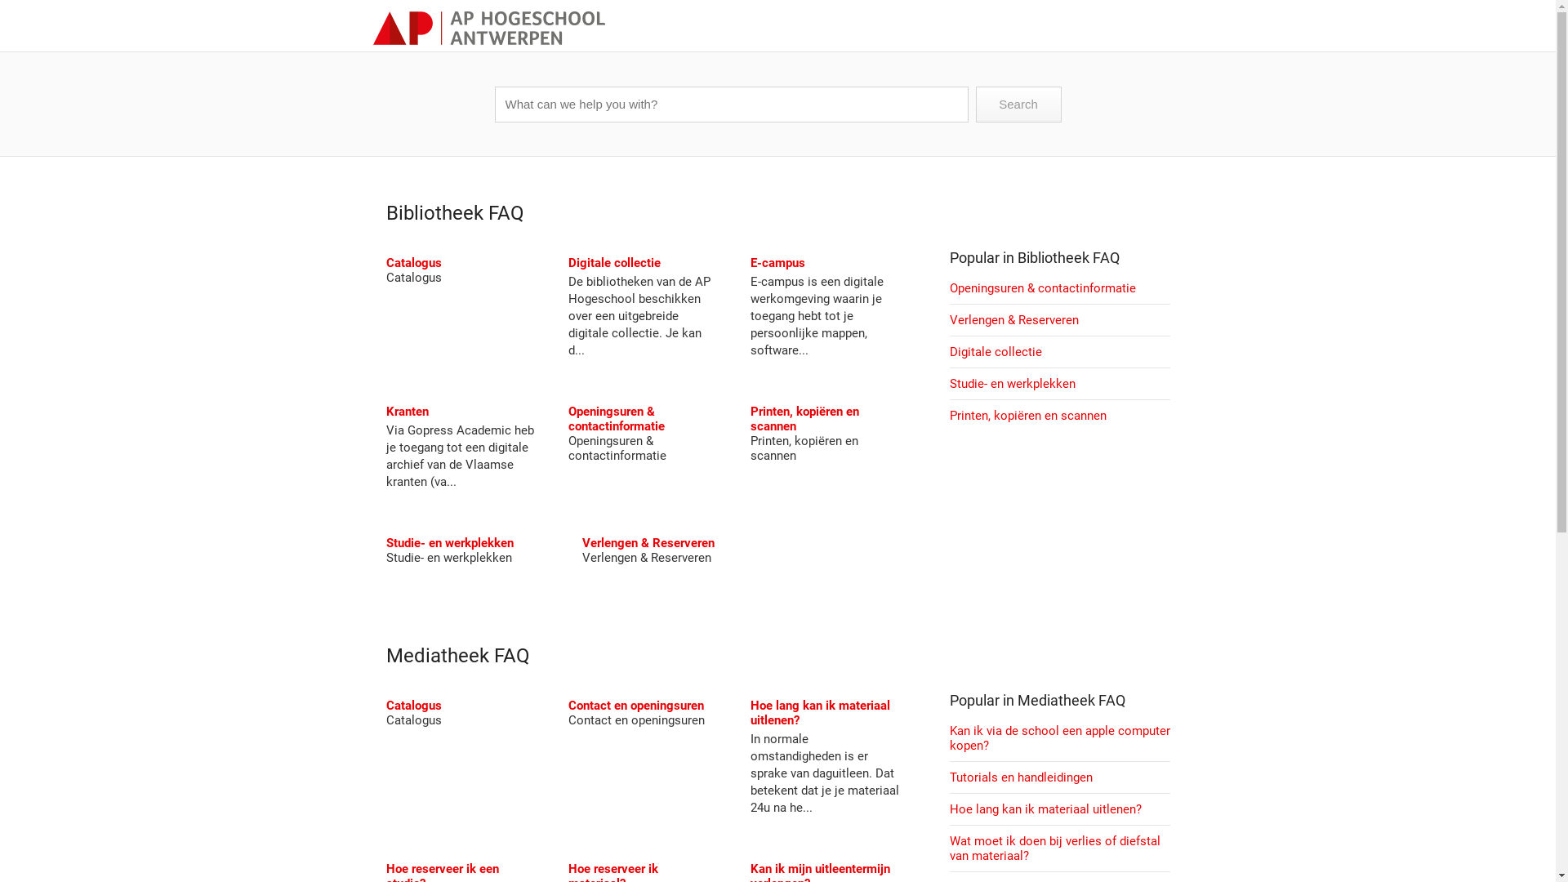 The image size is (1568, 882). What do you see at coordinates (568, 418) in the screenshot?
I see `'Openingsuren & contactinformatie'` at bounding box center [568, 418].